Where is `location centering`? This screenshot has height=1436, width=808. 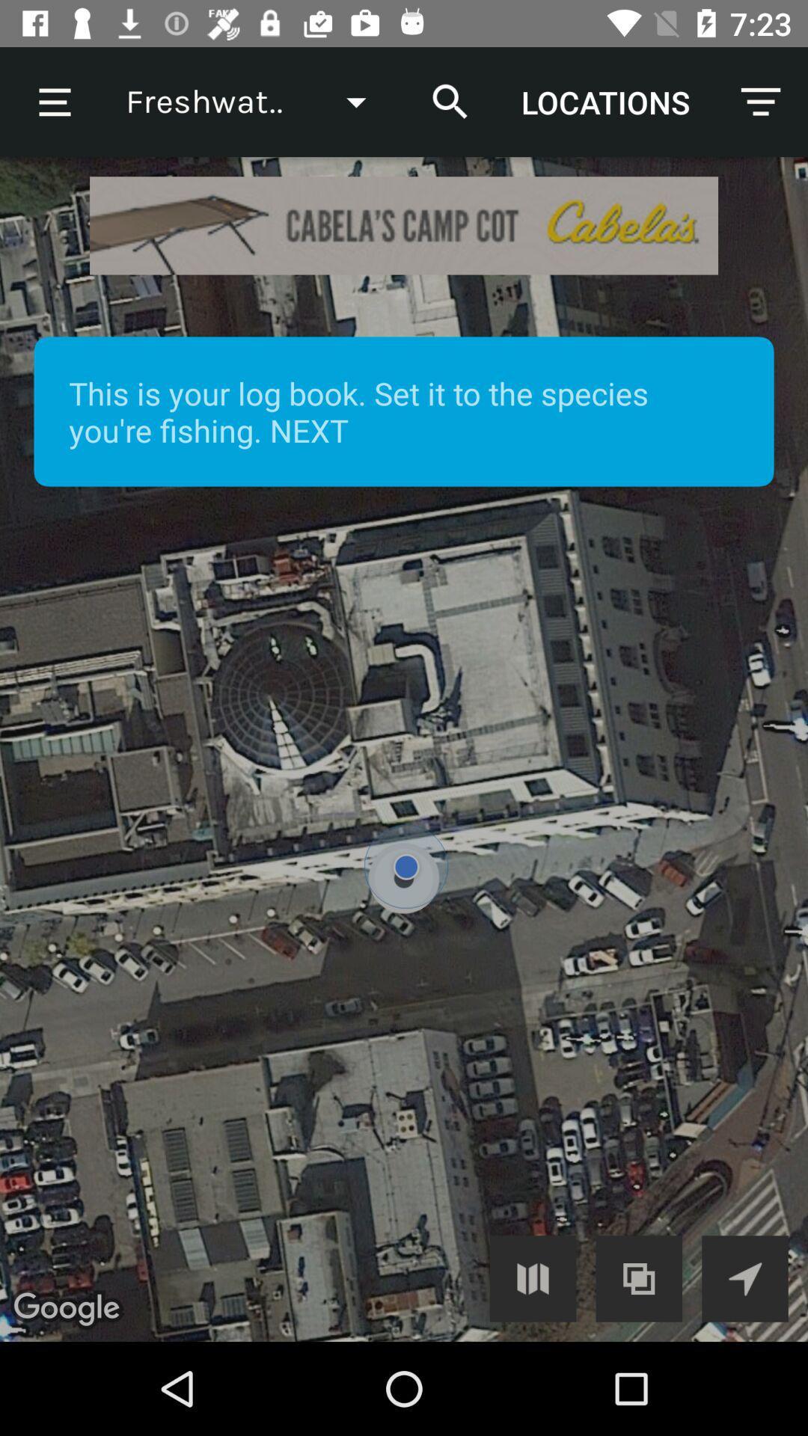 location centering is located at coordinates (744, 1277).